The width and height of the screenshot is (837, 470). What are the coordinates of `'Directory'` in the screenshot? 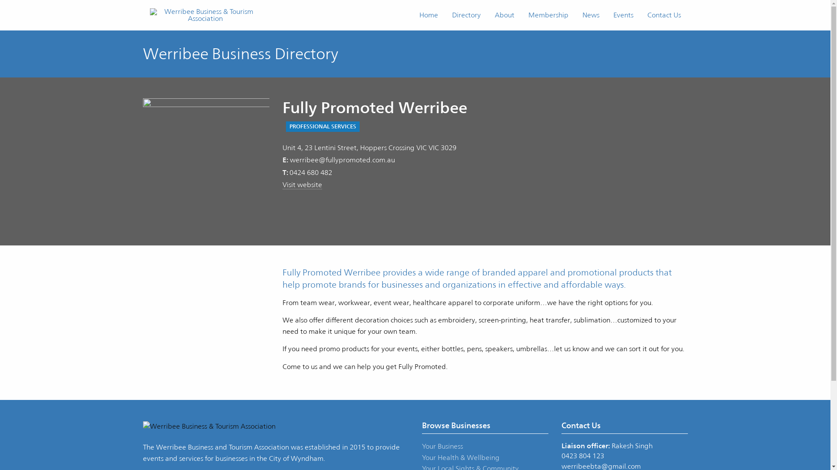 It's located at (466, 15).